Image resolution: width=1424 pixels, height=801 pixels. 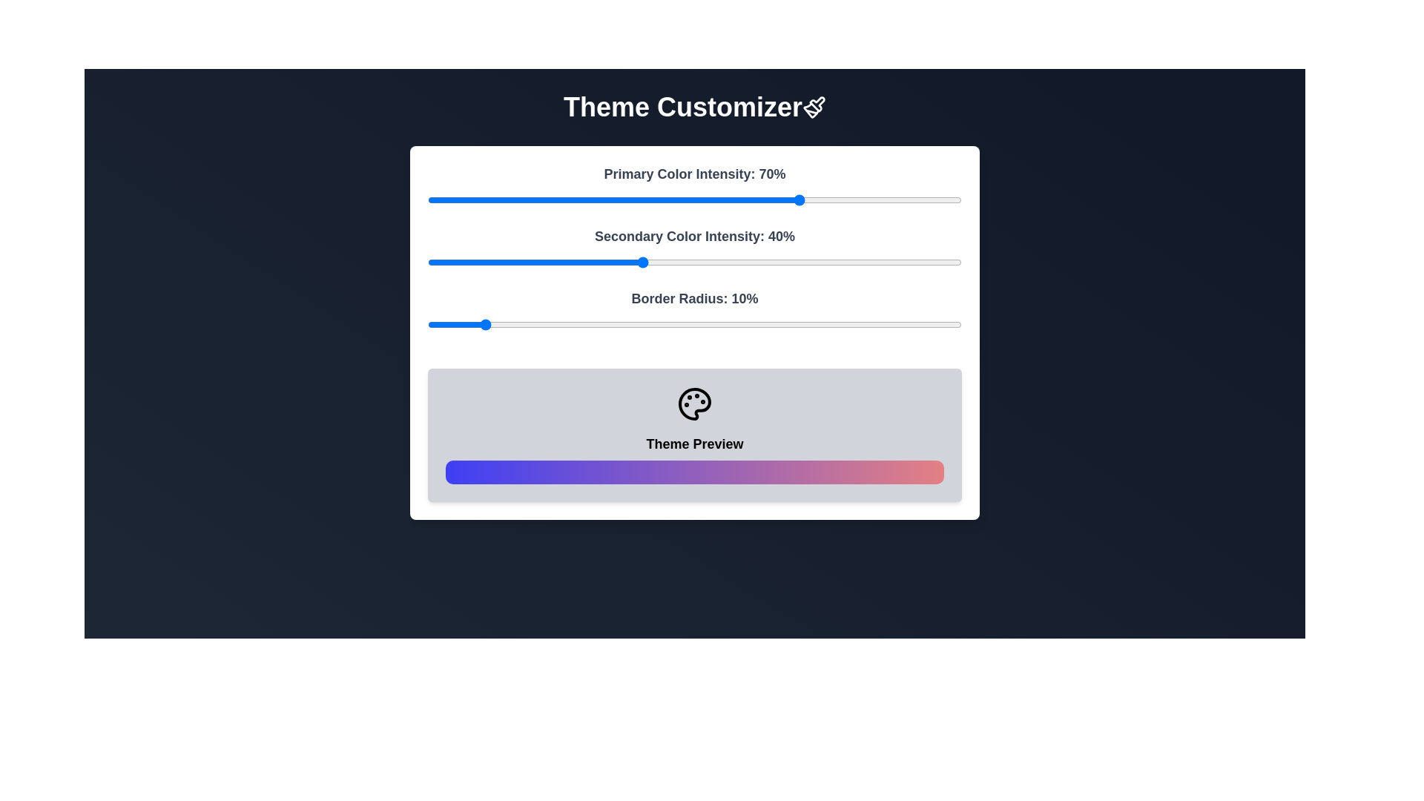 I want to click on the Border Radius slider to 4%, so click(x=448, y=324).